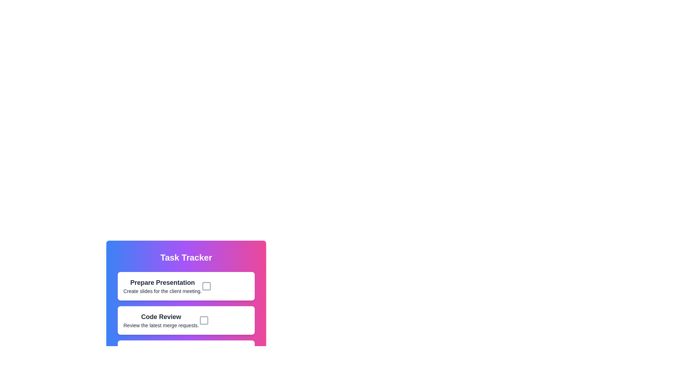  What do you see at coordinates (161, 316) in the screenshot?
I see `the 'Code Review' text label which serves as a title or heading for its section, positioned above the descriptive text in the lower section of the interface` at bounding box center [161, 316].